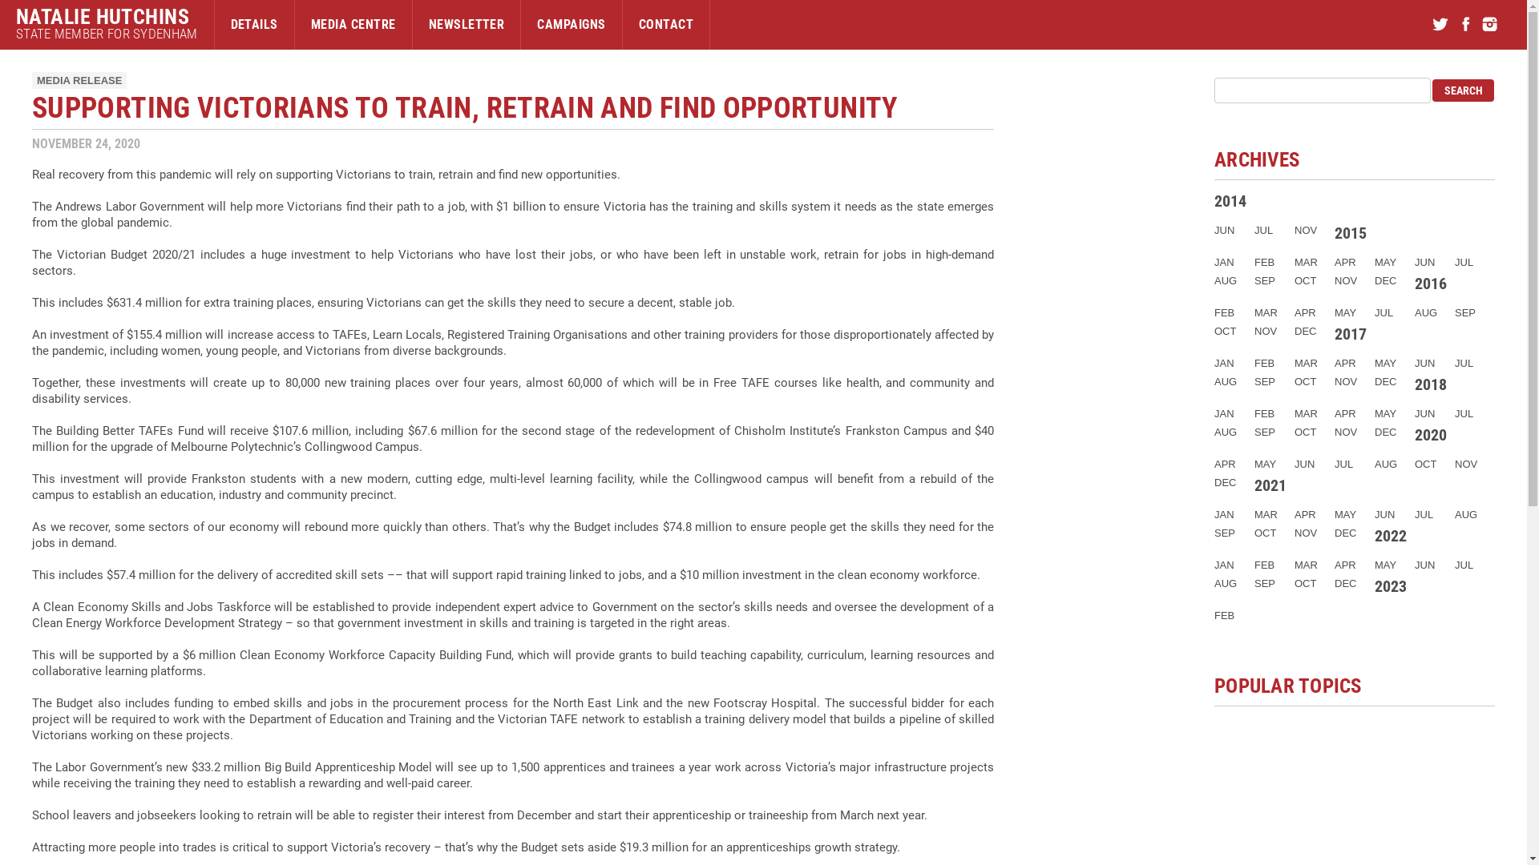 This screenshot has width=1539, height=865. I want to click on '2017', so click(1349, 332).